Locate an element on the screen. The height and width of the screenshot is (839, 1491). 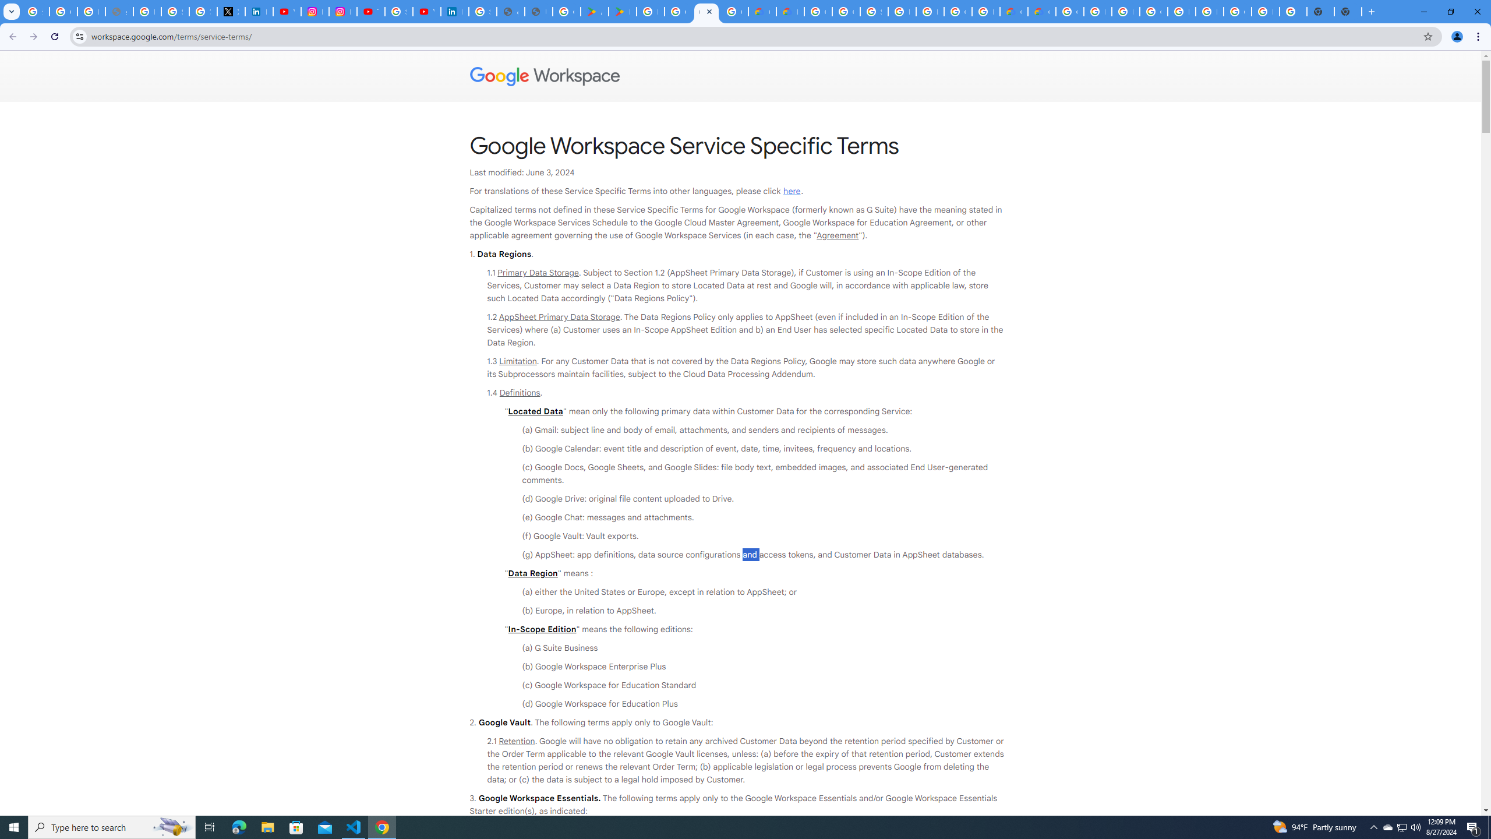
'User Details' is located at coordinates (538, 11).